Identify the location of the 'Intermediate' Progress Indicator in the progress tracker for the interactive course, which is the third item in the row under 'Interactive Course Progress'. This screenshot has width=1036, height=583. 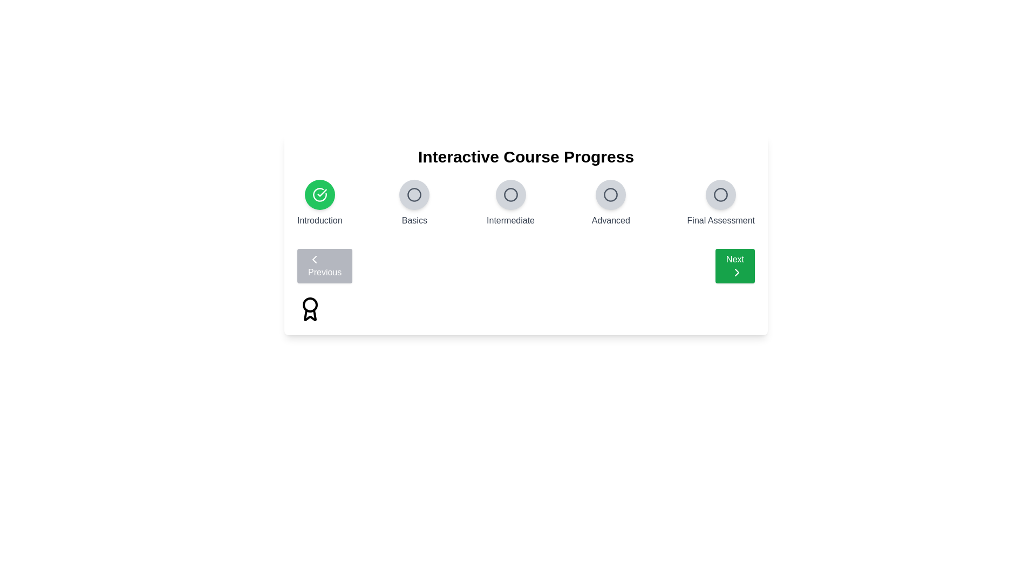
(510, 195).